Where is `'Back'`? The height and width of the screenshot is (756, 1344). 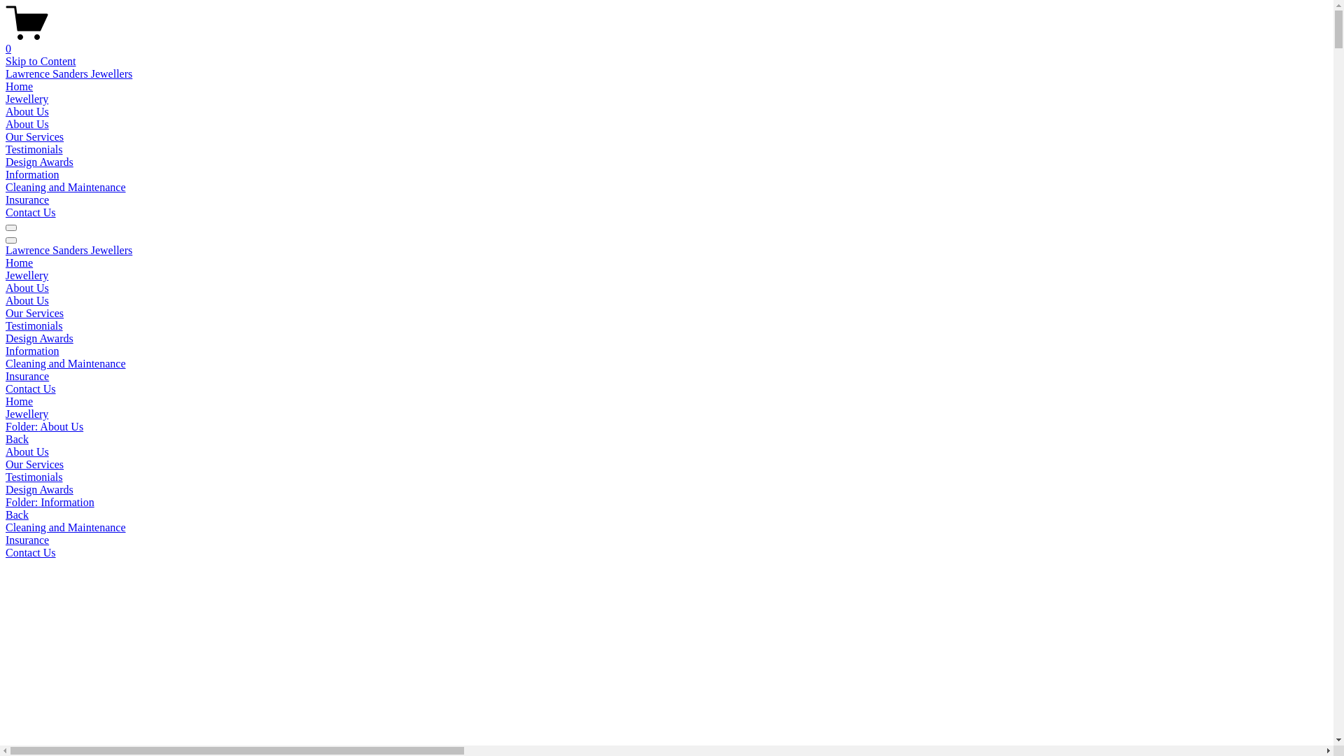
'Back' is located at coordinates (17, 514).